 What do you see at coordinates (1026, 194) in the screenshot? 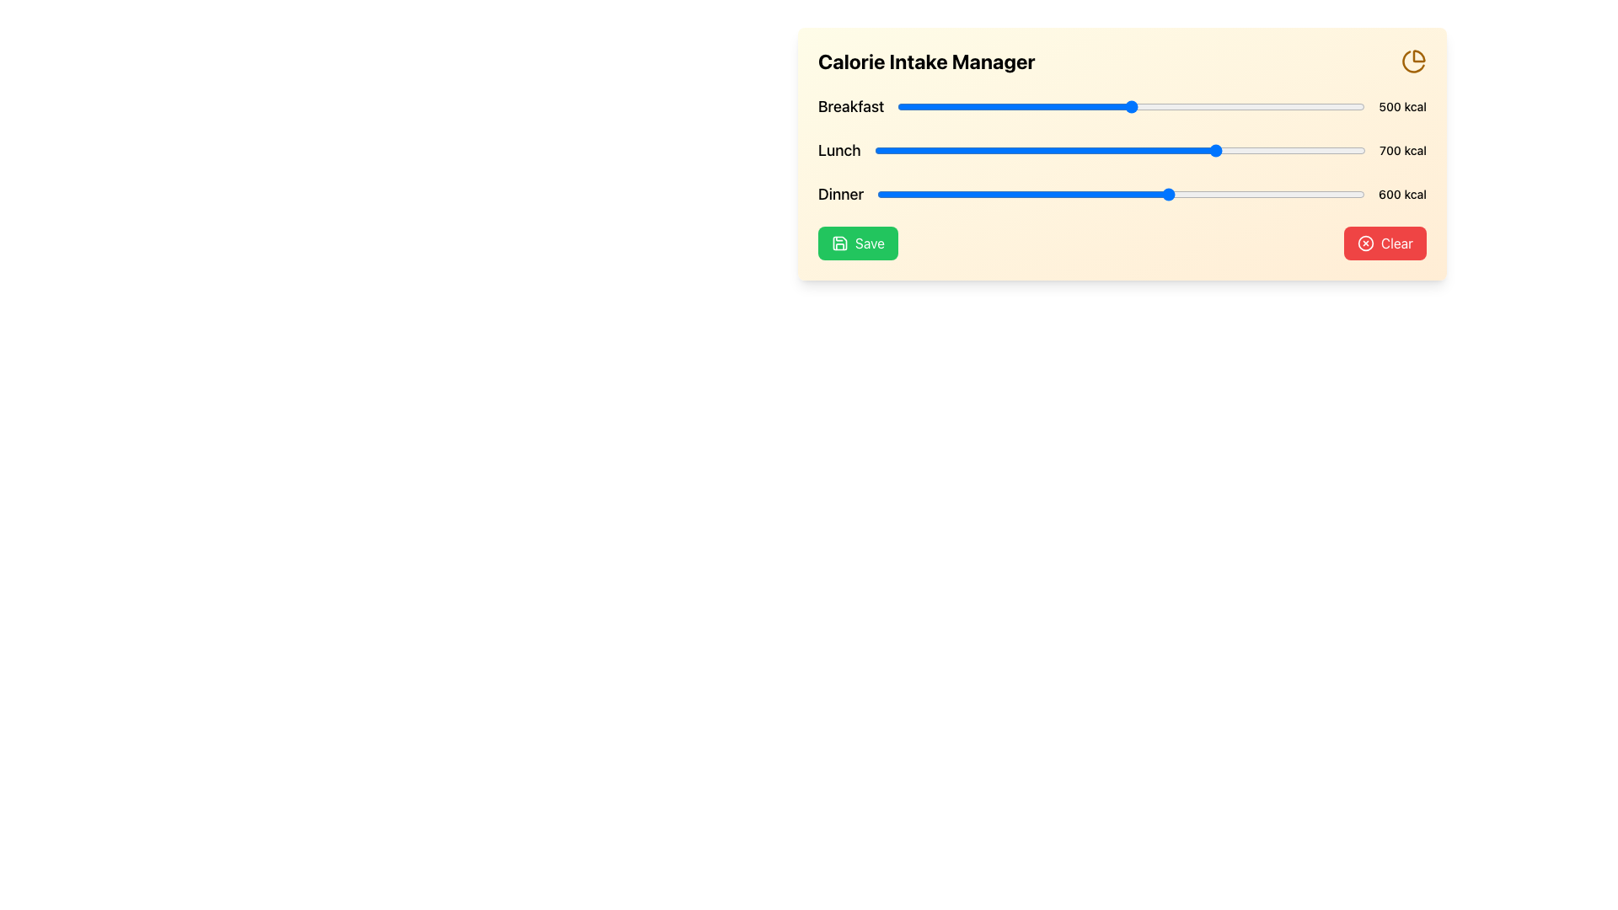
I see `the dinner calorie intake slider` at bounding box center [1026, 194].